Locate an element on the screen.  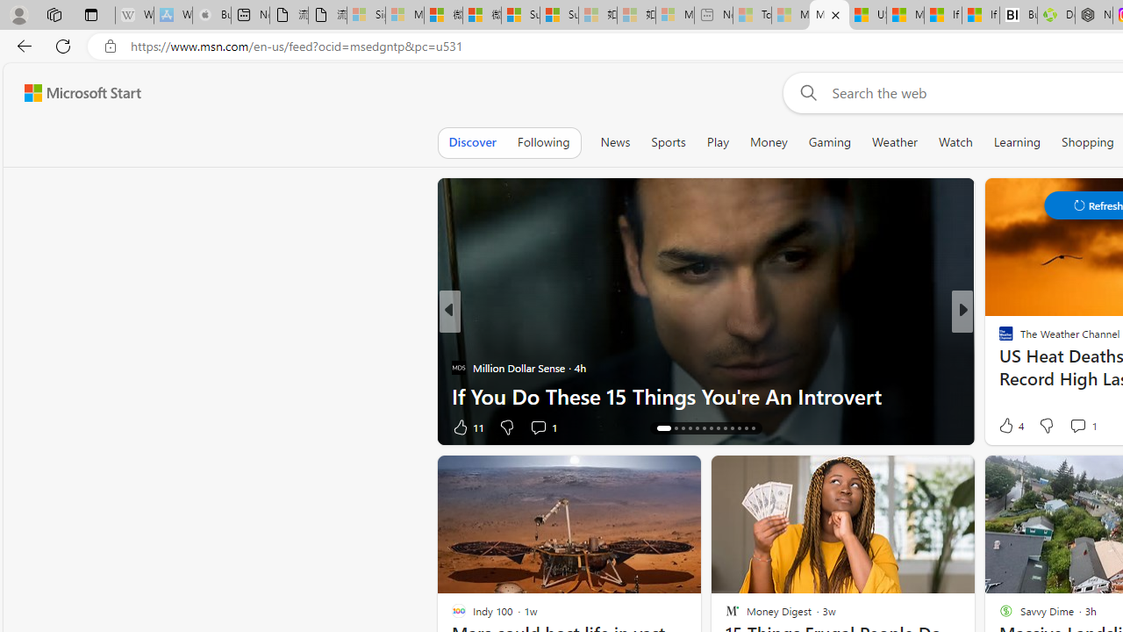
'AutomationID: tab-26' is located at coordinates (753, 428).